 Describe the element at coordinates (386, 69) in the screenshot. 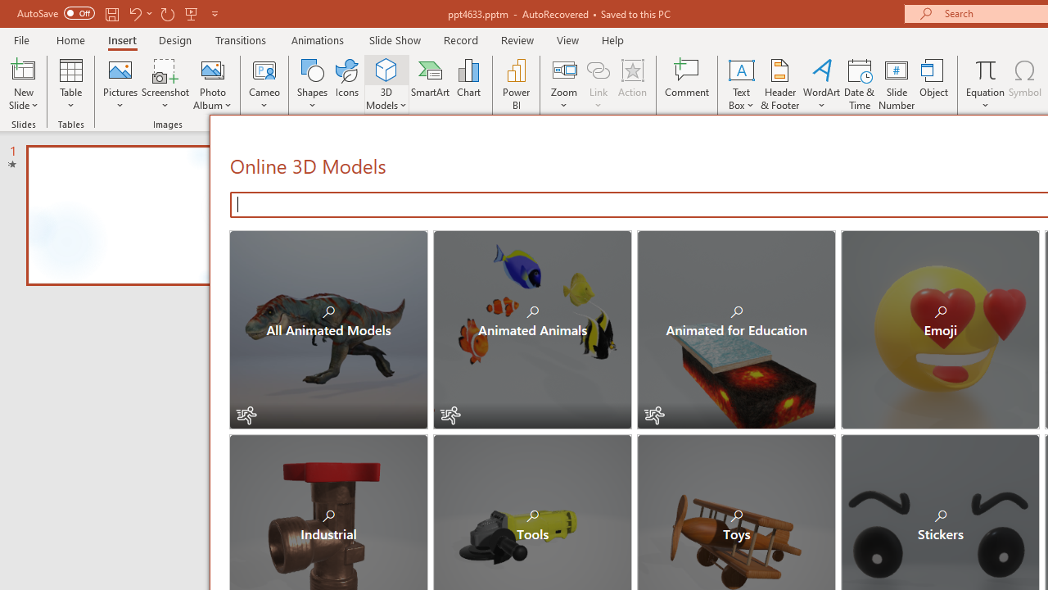

I see `'3D Models'` at that location.